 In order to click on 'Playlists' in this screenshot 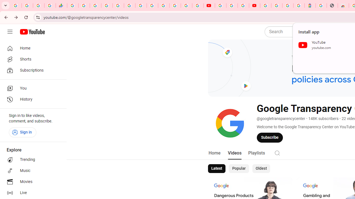, I will do `click(256, 153)`.